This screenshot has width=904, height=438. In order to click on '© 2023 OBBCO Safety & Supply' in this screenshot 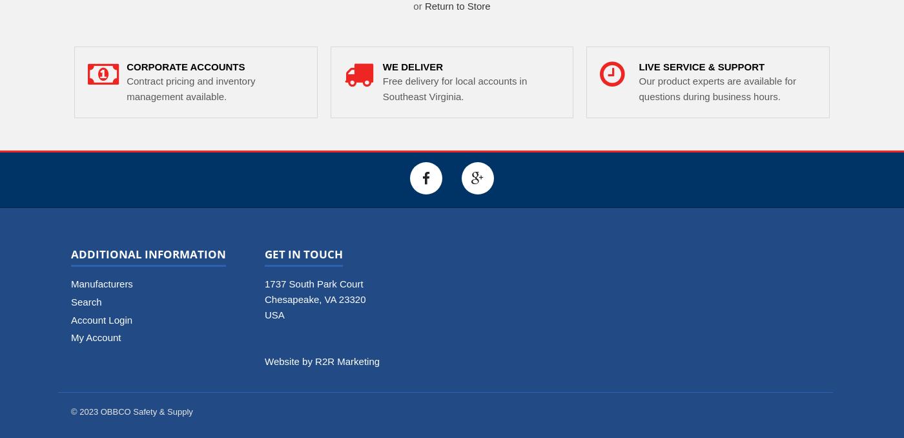, I will do `click(131, 412)`.